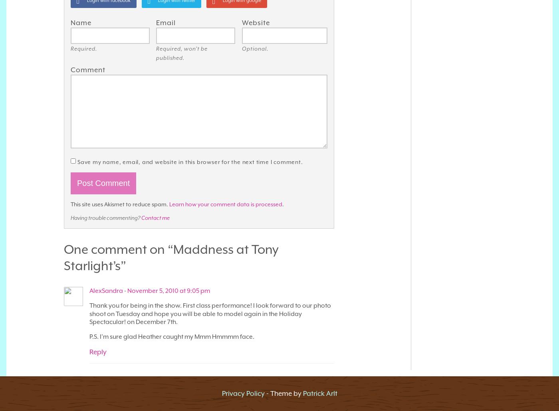  What do you see at coordinates (106, 218) in the screenshot?
I see `'Having trouble commenting?'` at bounding box center [106, 218].